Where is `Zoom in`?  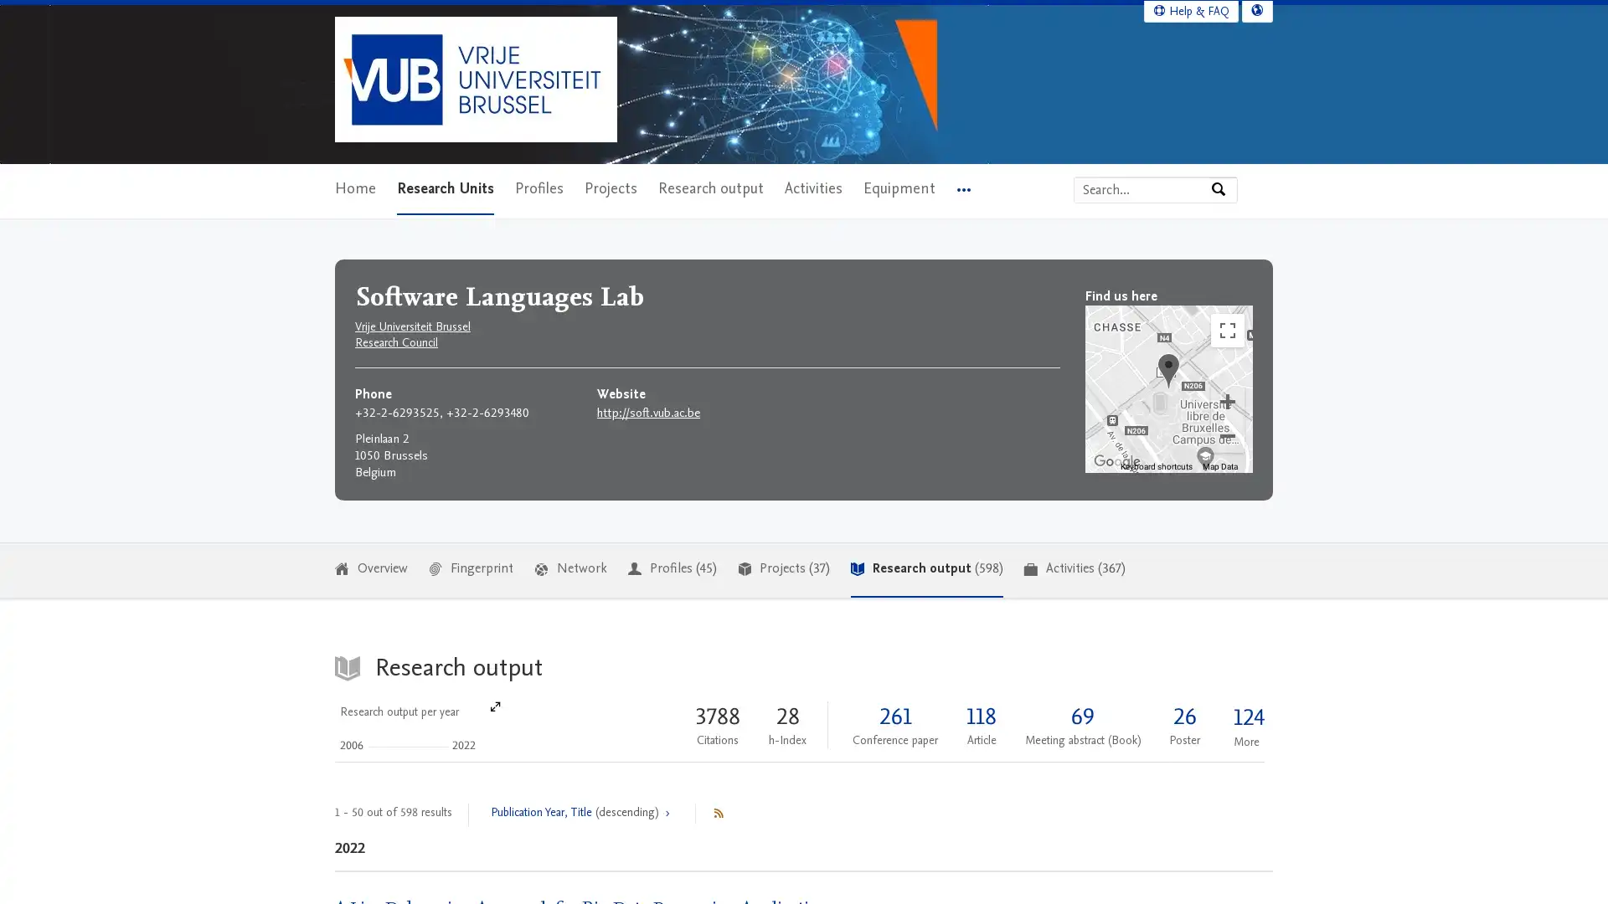
Zoom in is located at coordinates (1227, 400).